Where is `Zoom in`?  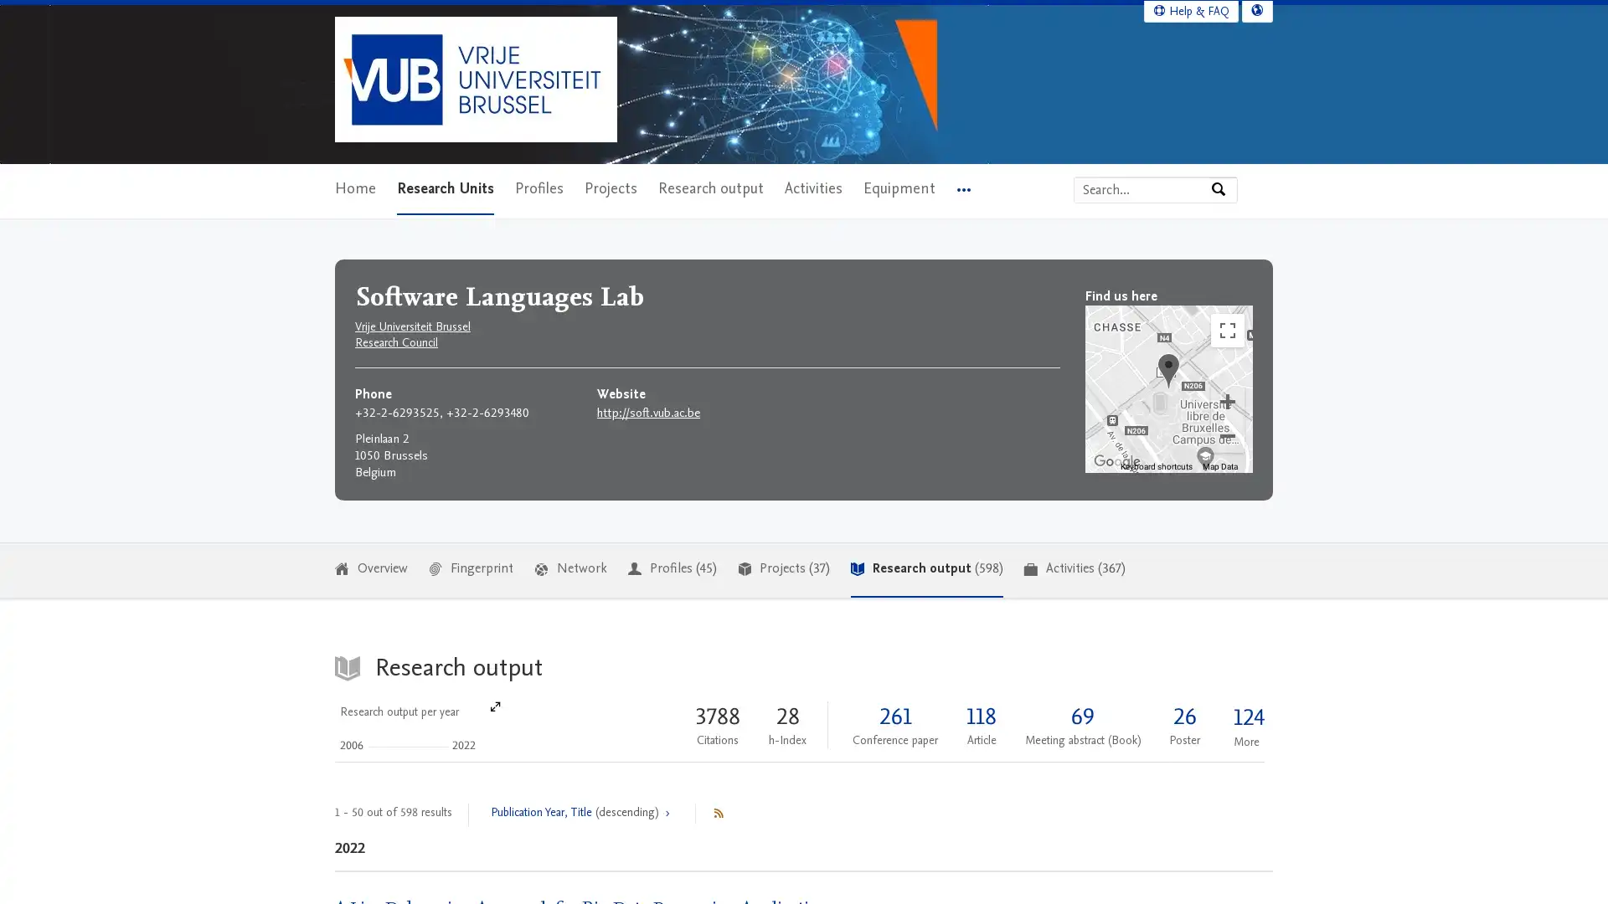
Zoom in is located at coordinates (1227, 400).